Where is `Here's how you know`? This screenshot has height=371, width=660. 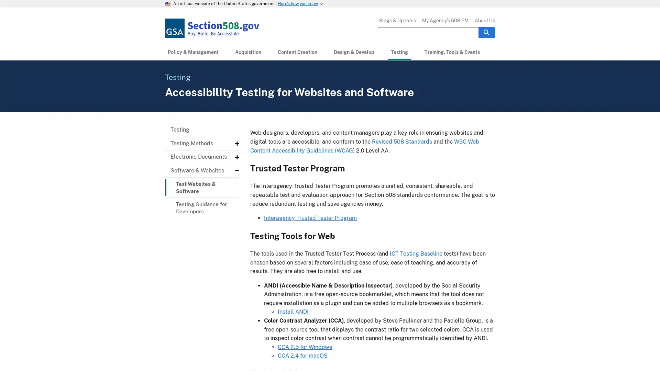 Here's how you know is located at coordinates (298, 4).